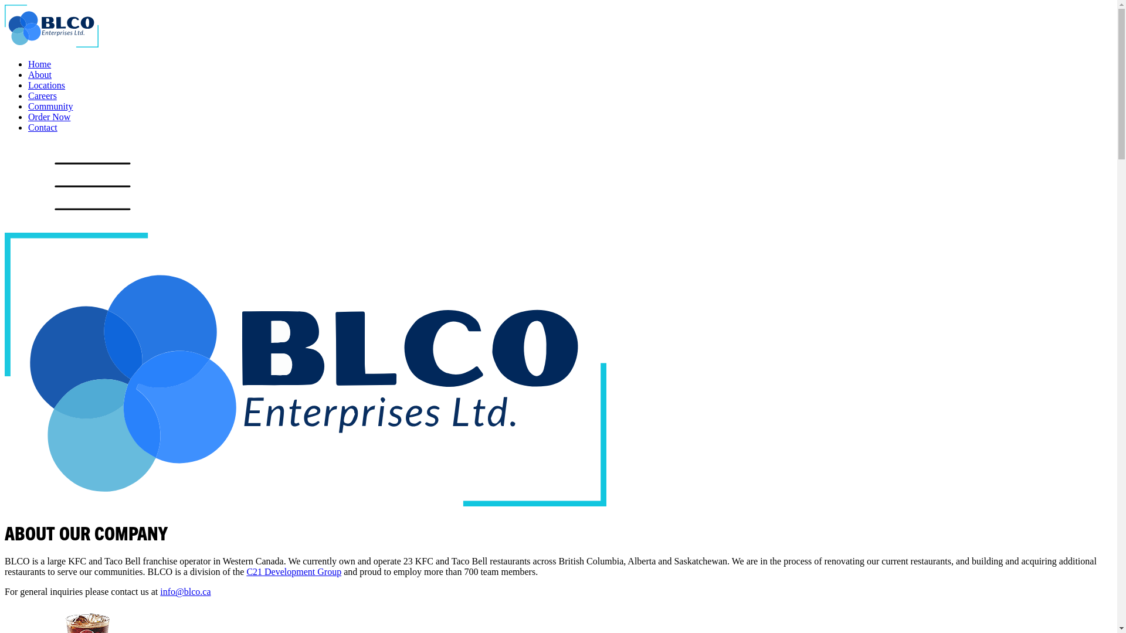 This screenshot has height=633, width=1126. I want to click on 'Careers', so click(42, 95).